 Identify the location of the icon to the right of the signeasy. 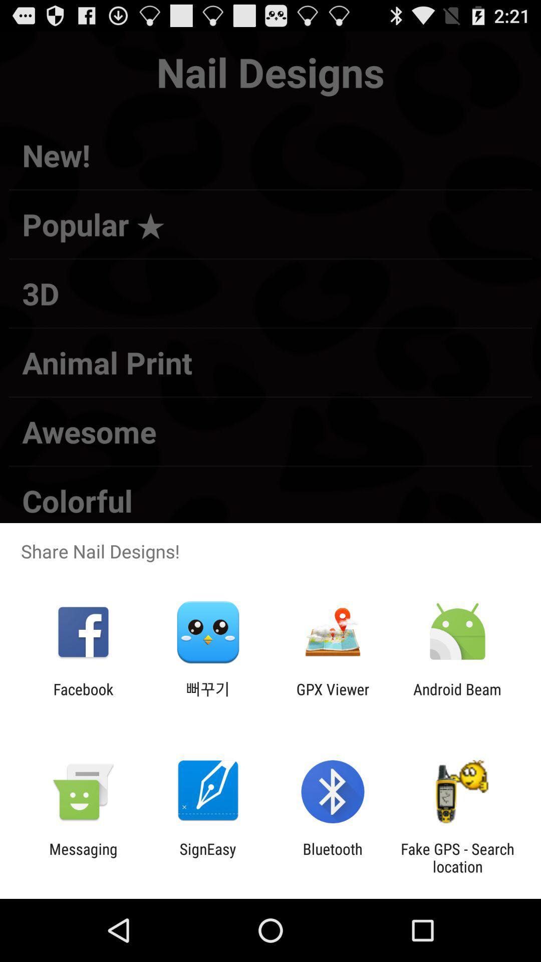
(333, 857).